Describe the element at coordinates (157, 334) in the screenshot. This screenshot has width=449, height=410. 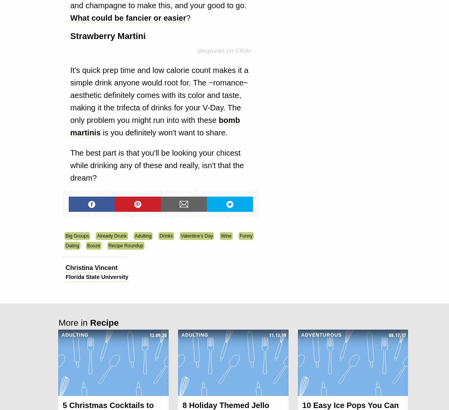
I see `'12.09.20'` at that location.